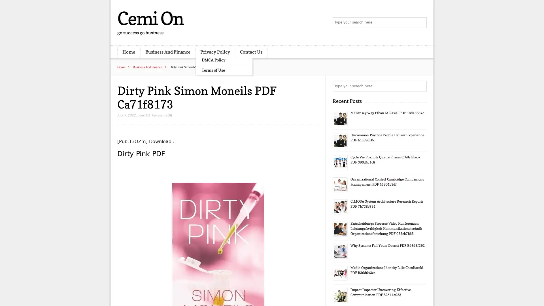  I want to click on Search, so click(421, 23).